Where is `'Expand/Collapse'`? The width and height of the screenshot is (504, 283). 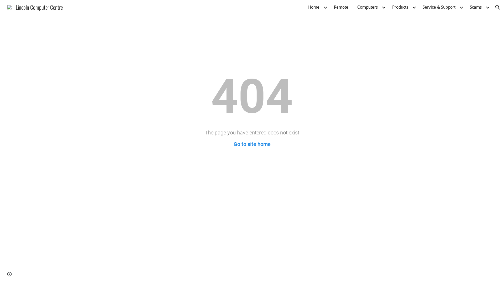
'Expand/Collapse' is located at coordinates (461, 7).